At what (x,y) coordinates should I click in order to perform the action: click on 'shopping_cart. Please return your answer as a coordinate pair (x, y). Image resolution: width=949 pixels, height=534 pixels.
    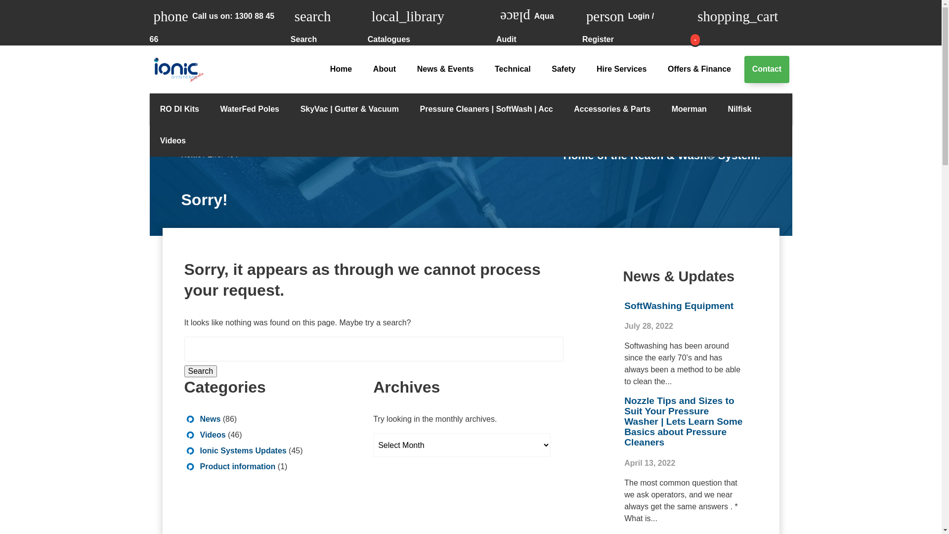
    Looking at the image, I should click on (742, 22).